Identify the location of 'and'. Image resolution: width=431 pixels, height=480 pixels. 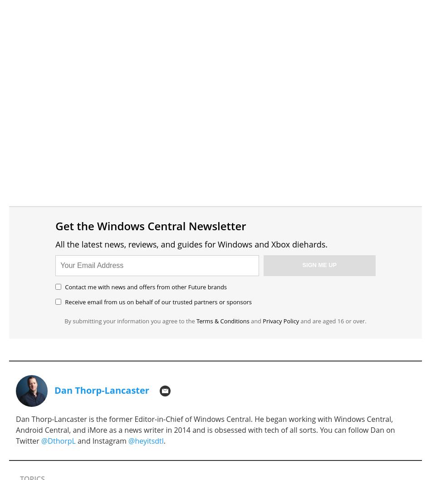
(256, 320).